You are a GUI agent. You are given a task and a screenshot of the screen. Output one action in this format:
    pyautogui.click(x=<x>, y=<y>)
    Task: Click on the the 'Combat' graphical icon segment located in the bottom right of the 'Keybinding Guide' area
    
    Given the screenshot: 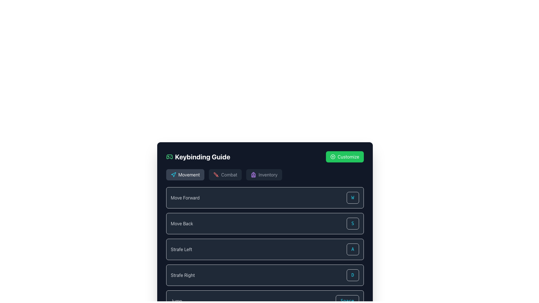 What is the action you would take?
    pyautogui.click(x=215, y=174)
    